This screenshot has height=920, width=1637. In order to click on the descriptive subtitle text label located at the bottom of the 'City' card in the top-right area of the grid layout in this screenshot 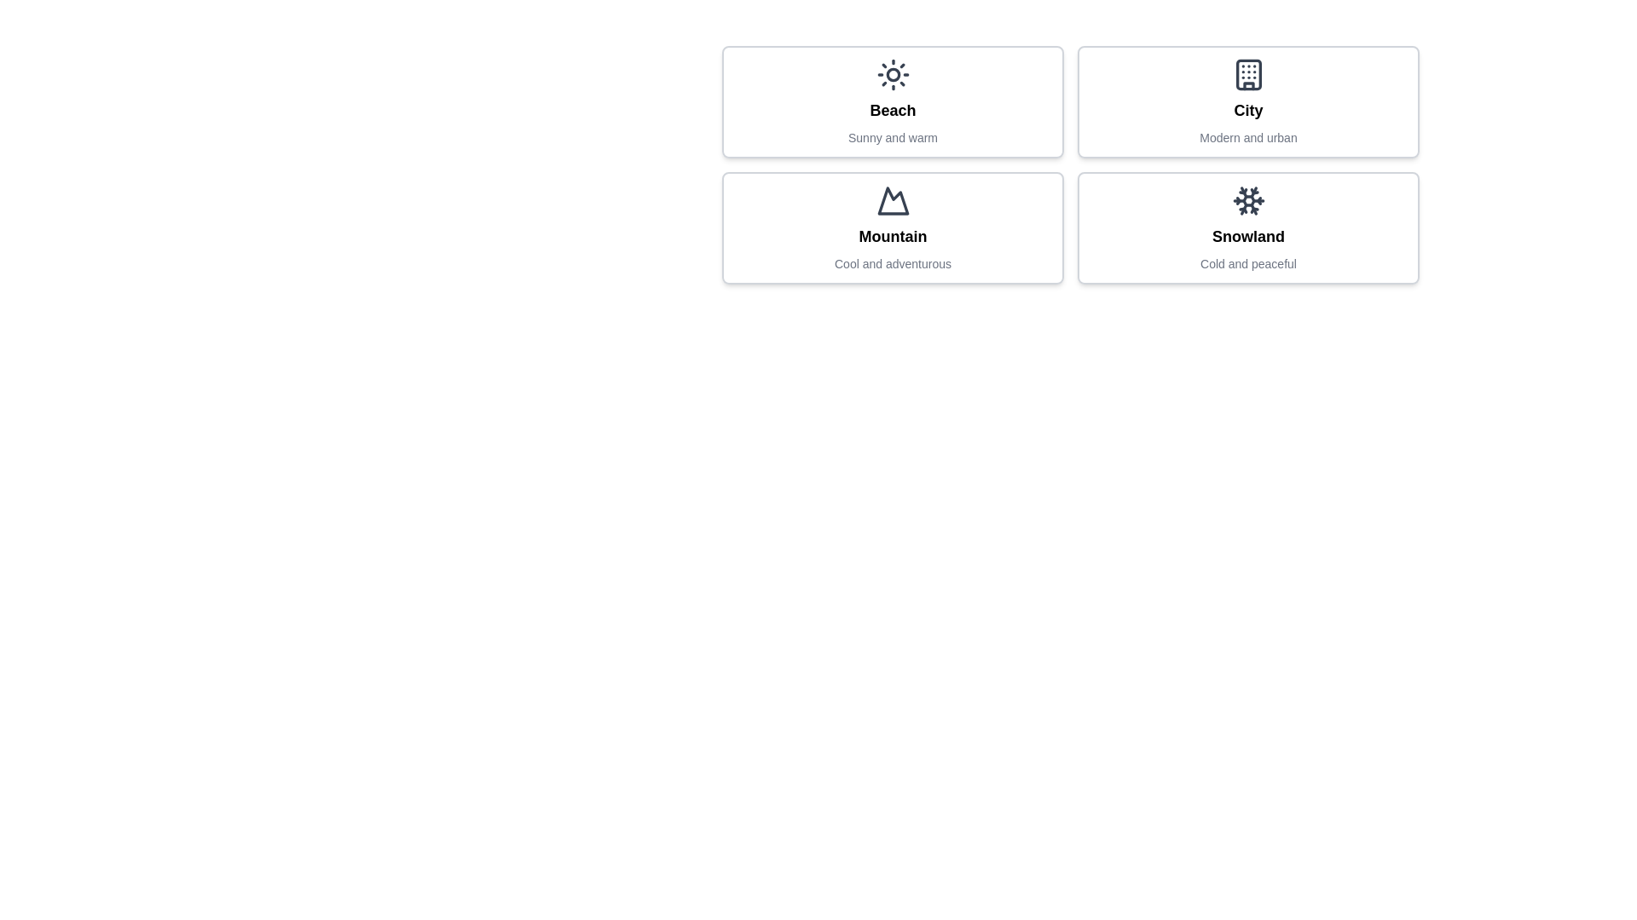, I will do `click(1248, 137)`.